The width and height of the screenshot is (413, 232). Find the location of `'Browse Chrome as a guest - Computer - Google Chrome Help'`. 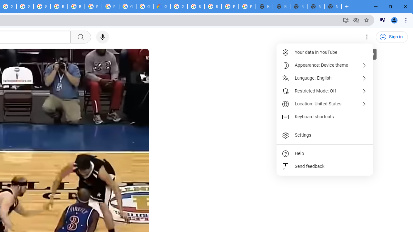

'Browse Chrome as a guest - Computer - Google Chrome Help' is located at coordinates (59, 6).